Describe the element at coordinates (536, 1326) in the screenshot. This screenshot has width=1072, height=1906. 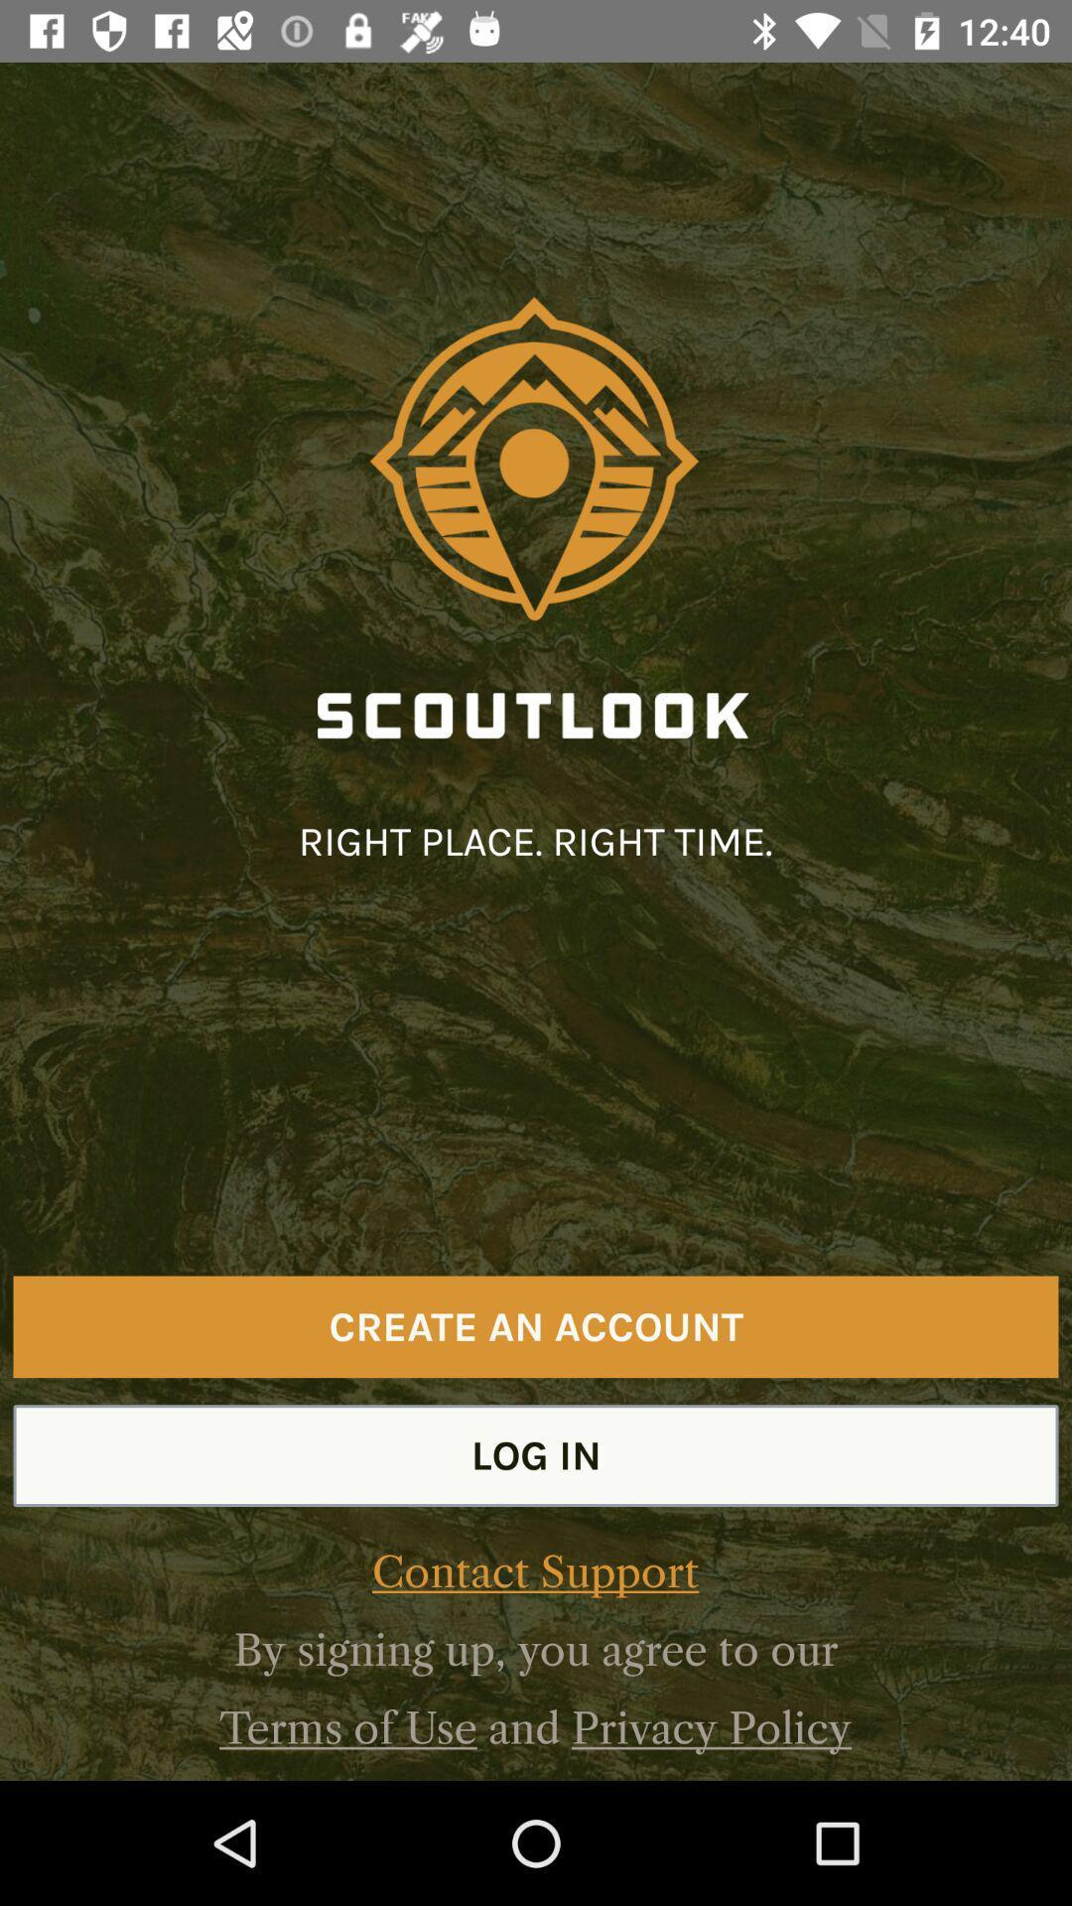
I see `the icon below the right place right` at that location.